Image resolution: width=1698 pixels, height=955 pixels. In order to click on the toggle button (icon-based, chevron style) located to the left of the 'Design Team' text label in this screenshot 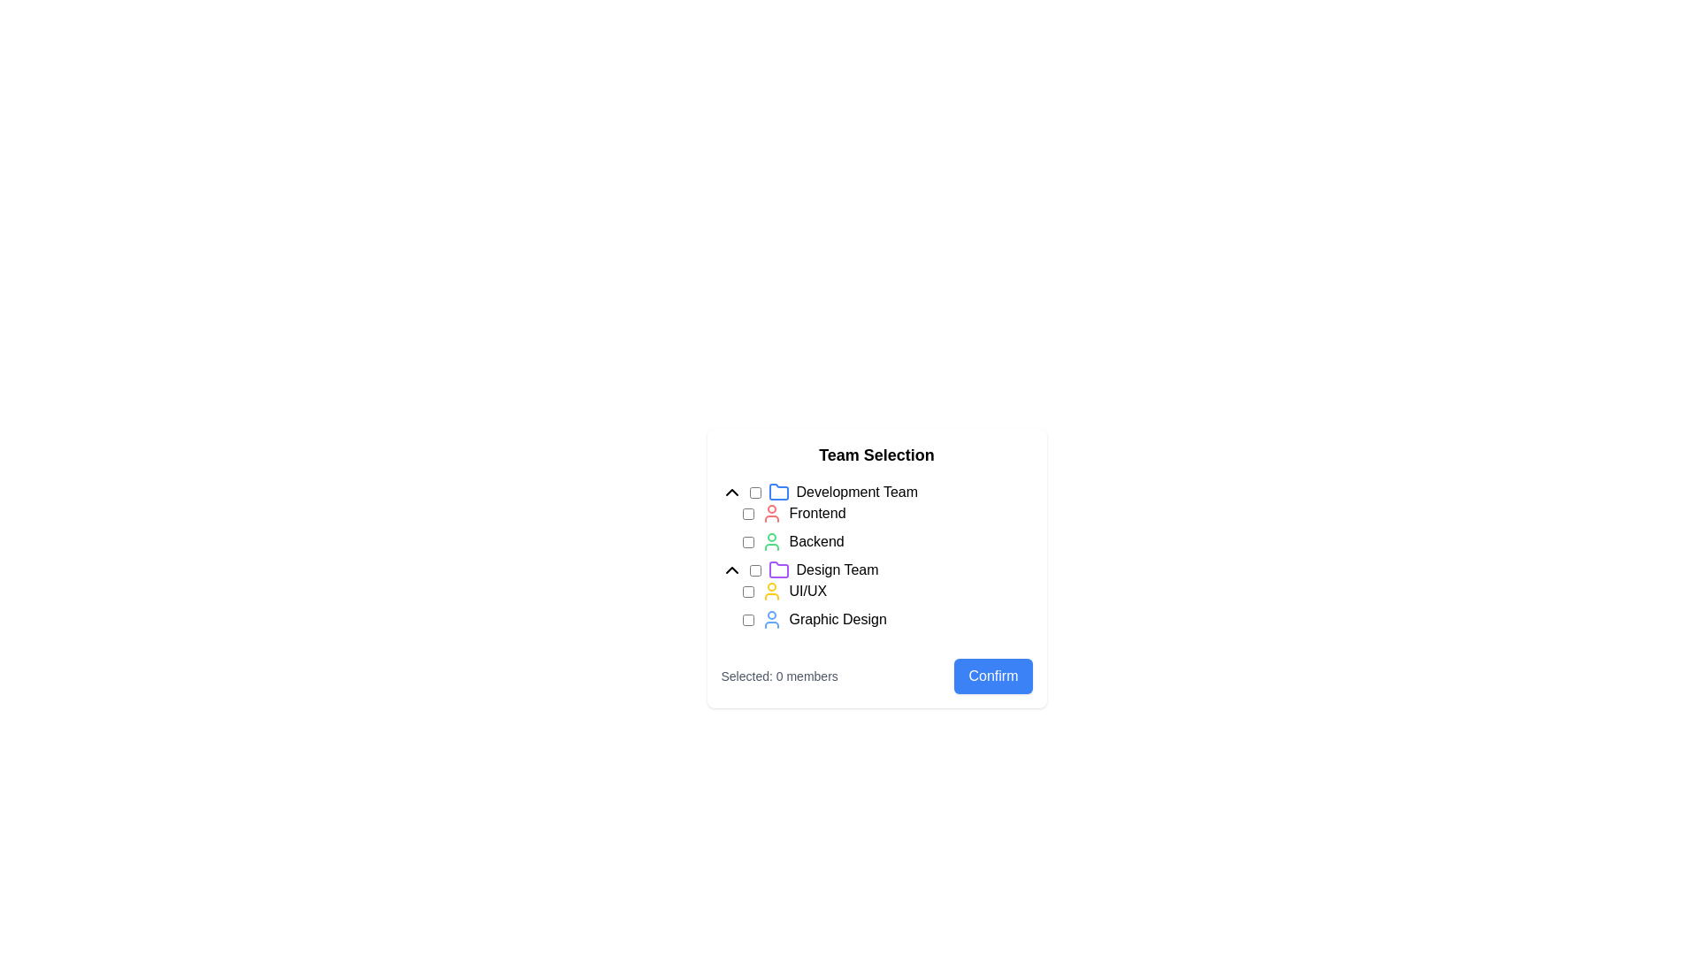, I will do `click(731, 569)`.